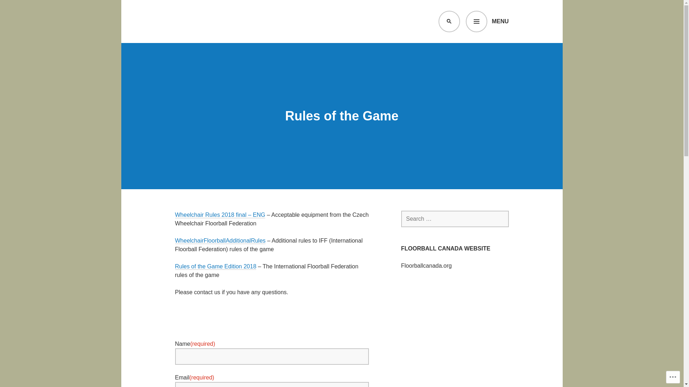  What do you see at coordinates (487, 21) in the screenshot?
I see `'MENU'` at bounding box center [487, 21].